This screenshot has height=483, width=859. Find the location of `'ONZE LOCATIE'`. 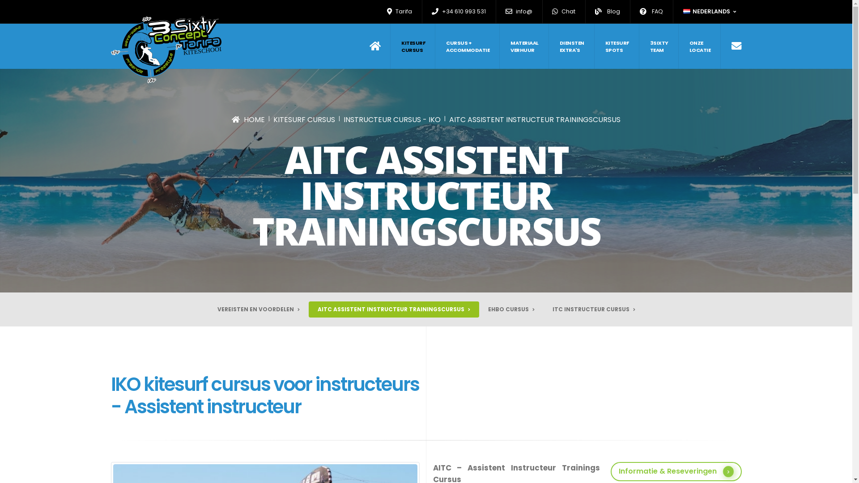

'ONZE LOCATIE' is located at coordinates (699, 46).